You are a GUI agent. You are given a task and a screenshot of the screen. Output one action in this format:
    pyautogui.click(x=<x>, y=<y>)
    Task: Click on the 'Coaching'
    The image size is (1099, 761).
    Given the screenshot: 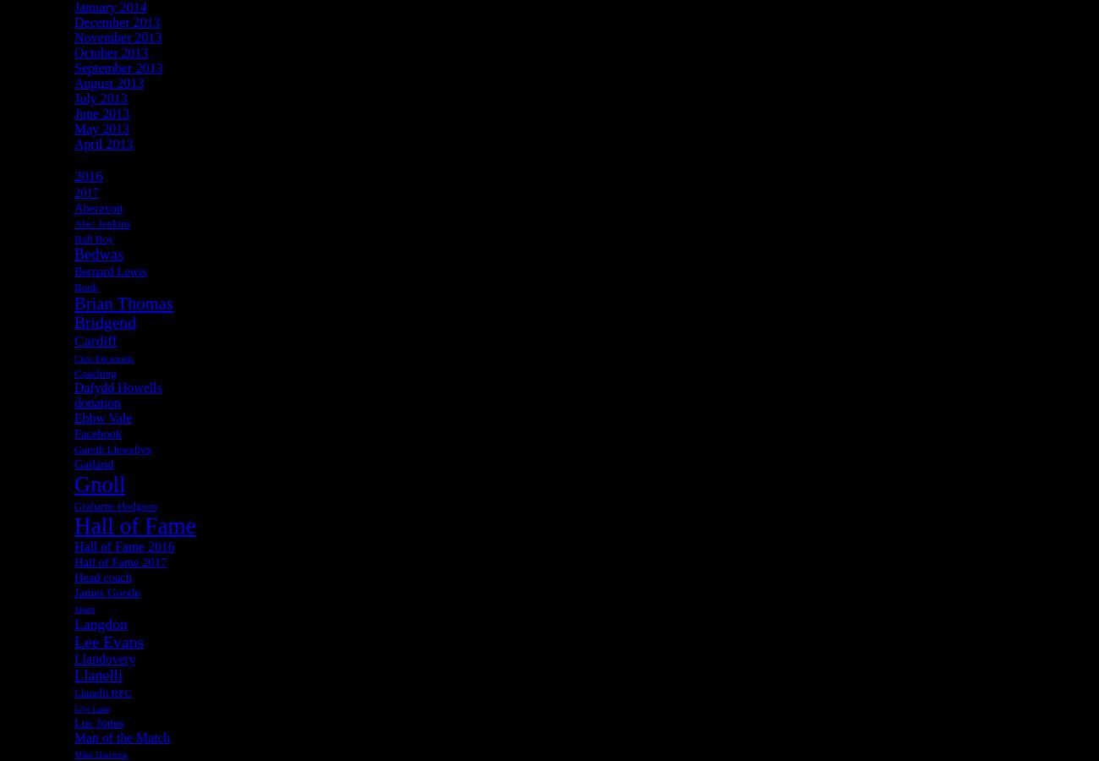 What is the action you would take?
    pyautogui.click(x=94, y=372)
    